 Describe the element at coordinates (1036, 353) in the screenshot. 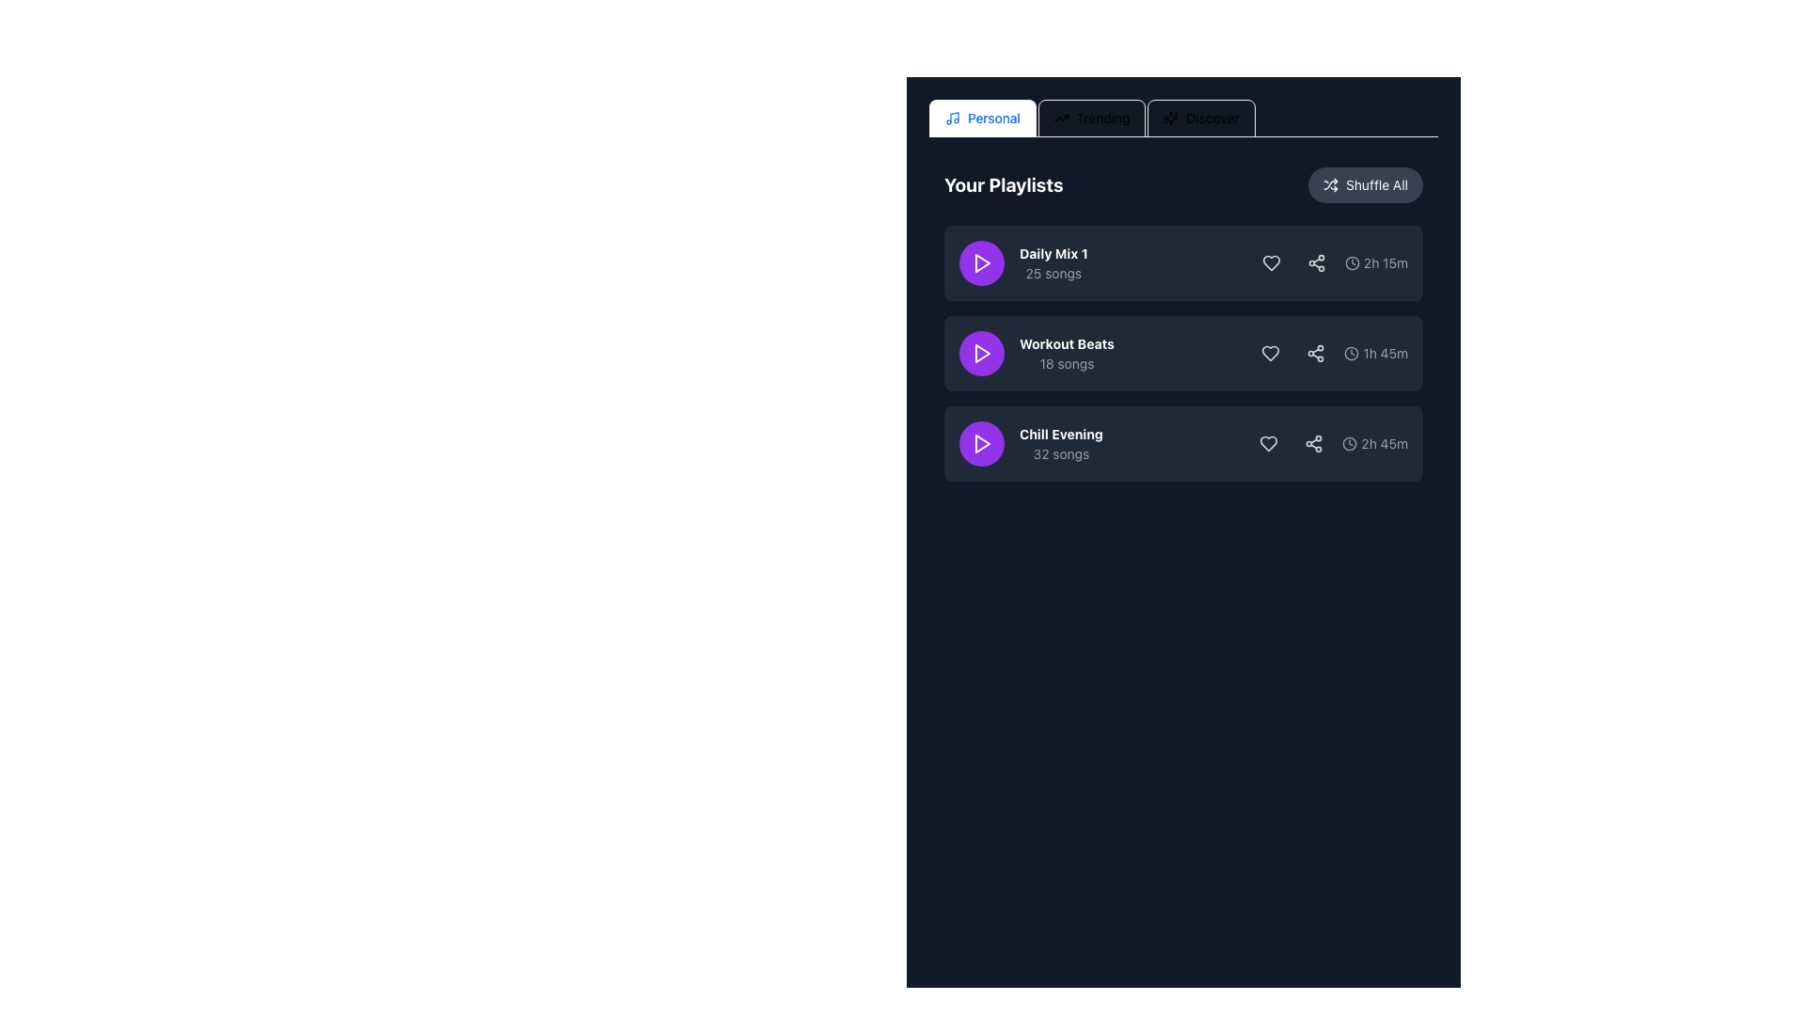

I see `the 'Workout Beats' text display component` at that location.